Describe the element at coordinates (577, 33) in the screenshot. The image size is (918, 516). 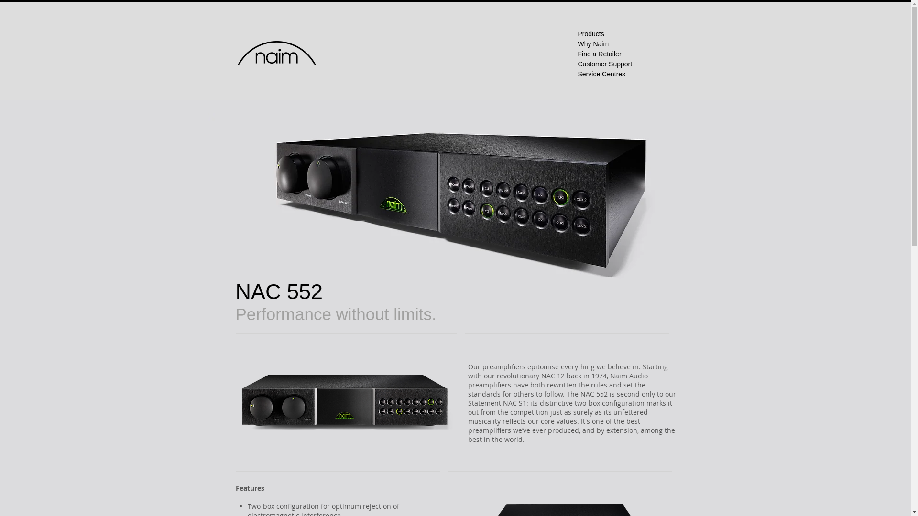
I see `'Products'` at that location.